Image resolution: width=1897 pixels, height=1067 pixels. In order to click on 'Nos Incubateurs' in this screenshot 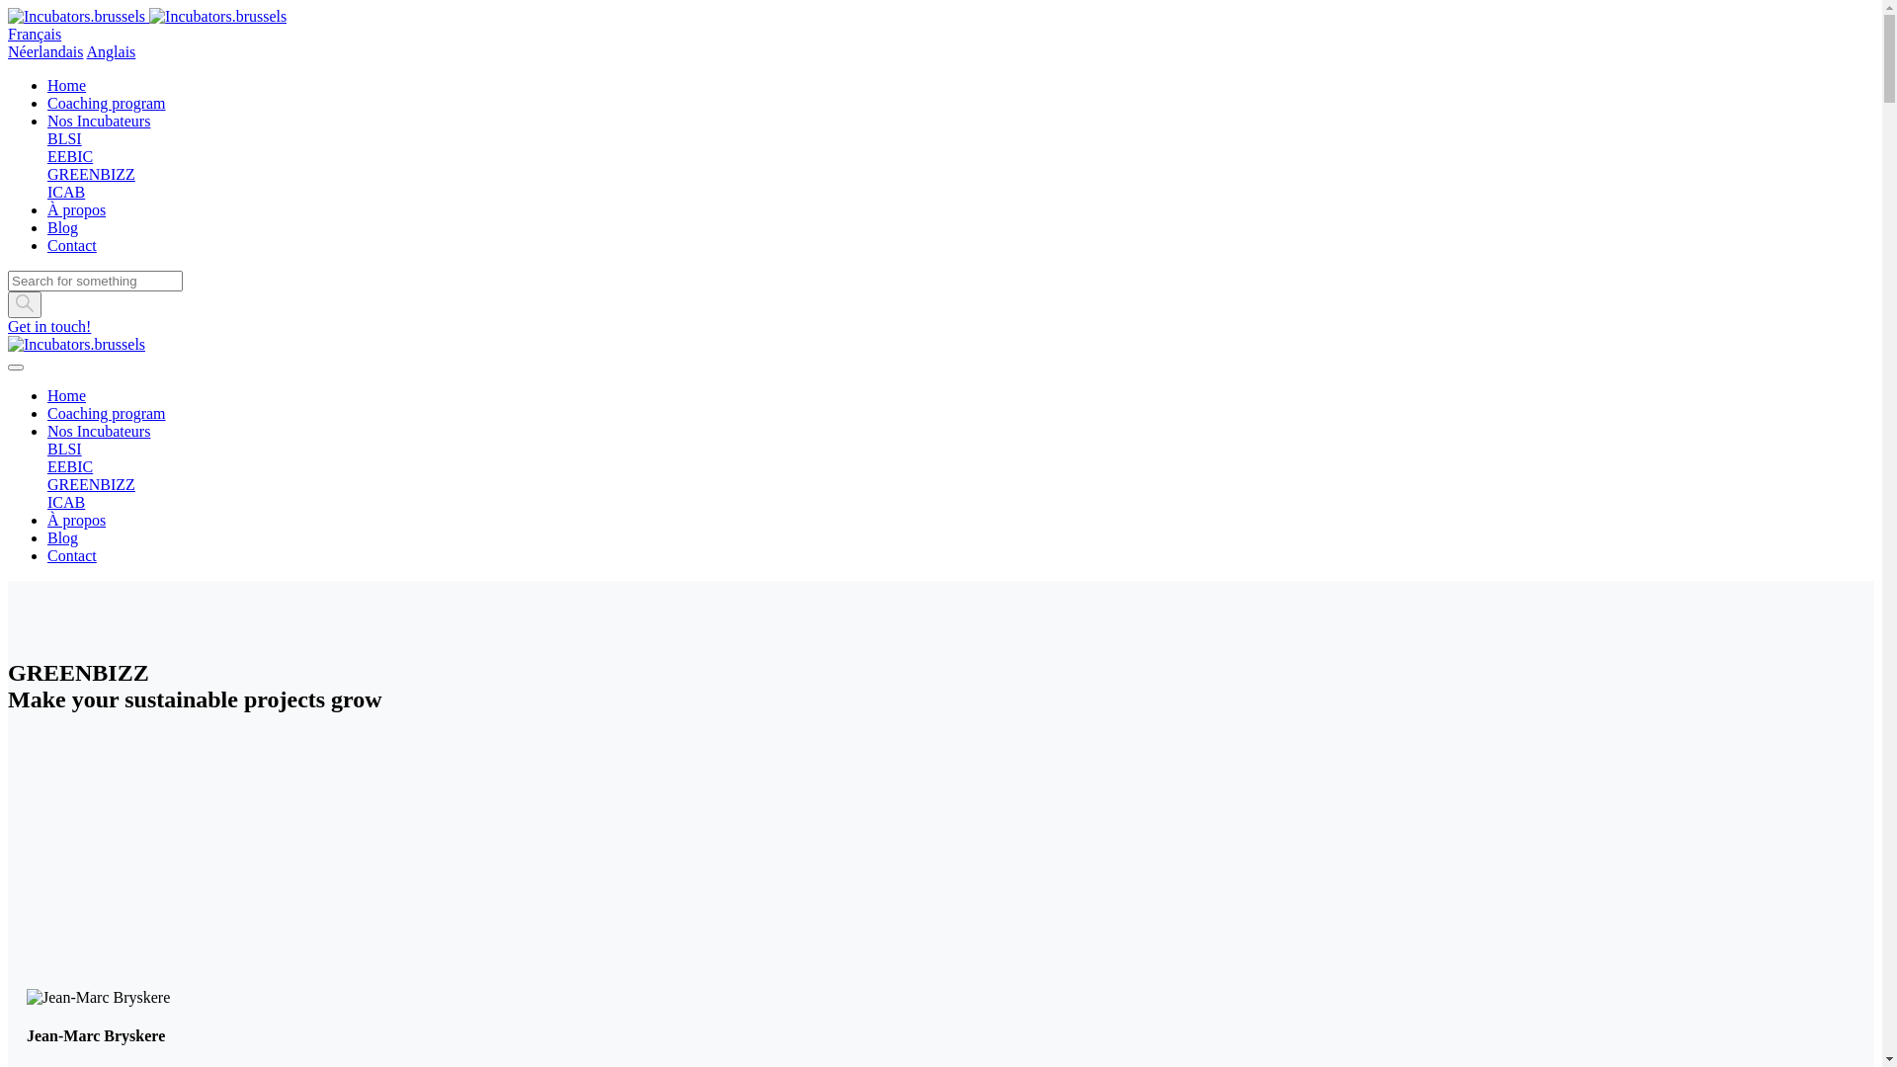, I will do `click(98, 121)`.